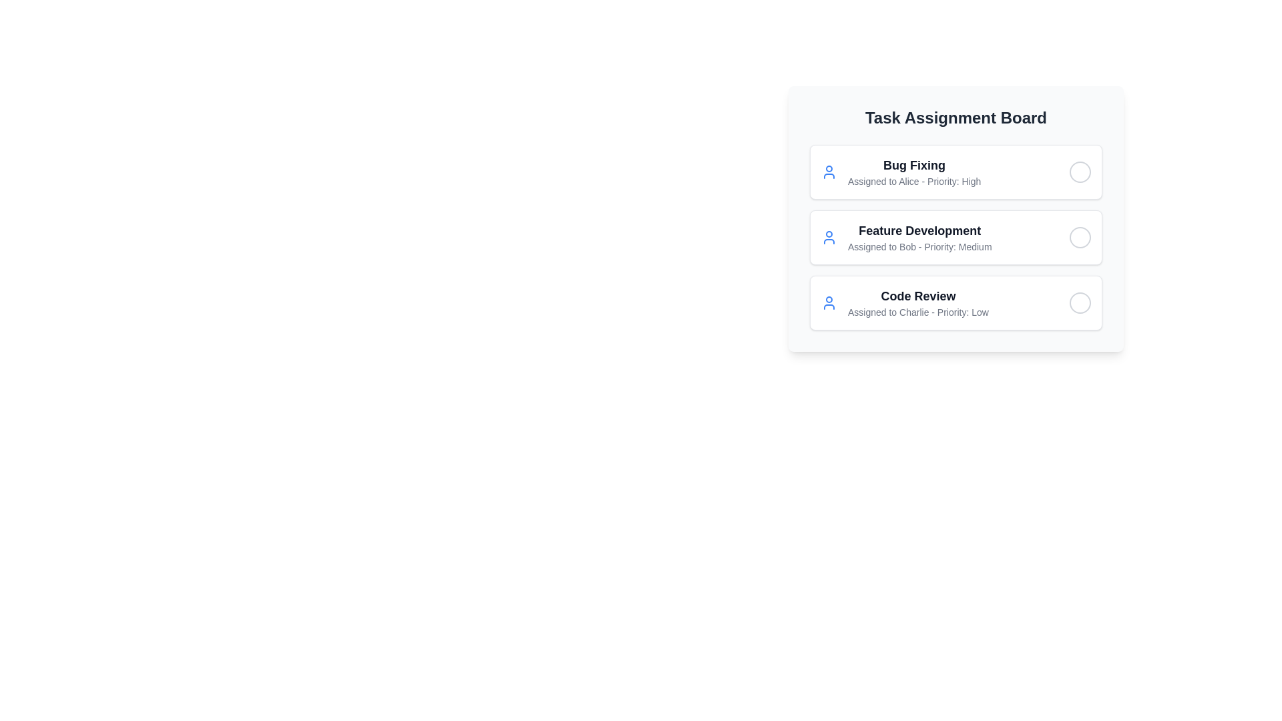 The width and height of the screenshot is (1282, 721). Describe the element at coordinates (919, 230) in the screenshot. I see `the bold text label reading 'Feature Development' located in the middle section of the 'Task Assignment Board' interface` at that location.